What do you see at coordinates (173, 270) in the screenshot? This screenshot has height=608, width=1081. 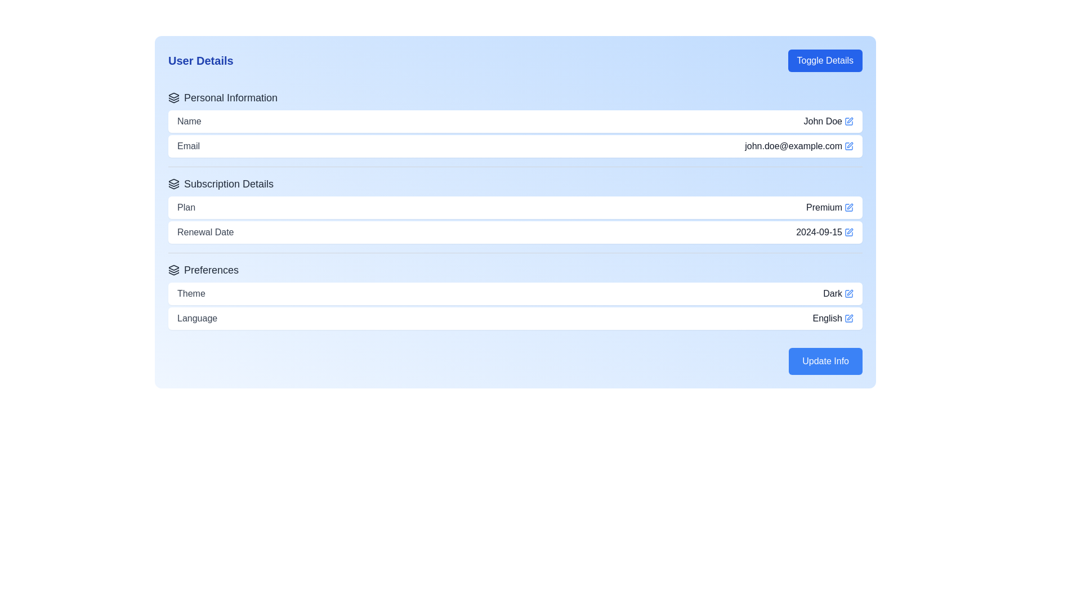 I see `the icon representing 'Preferences', which has a geometric design resembling layered sheets and is positioned at the leftmost side of its section` at bounding box center [173, 270].